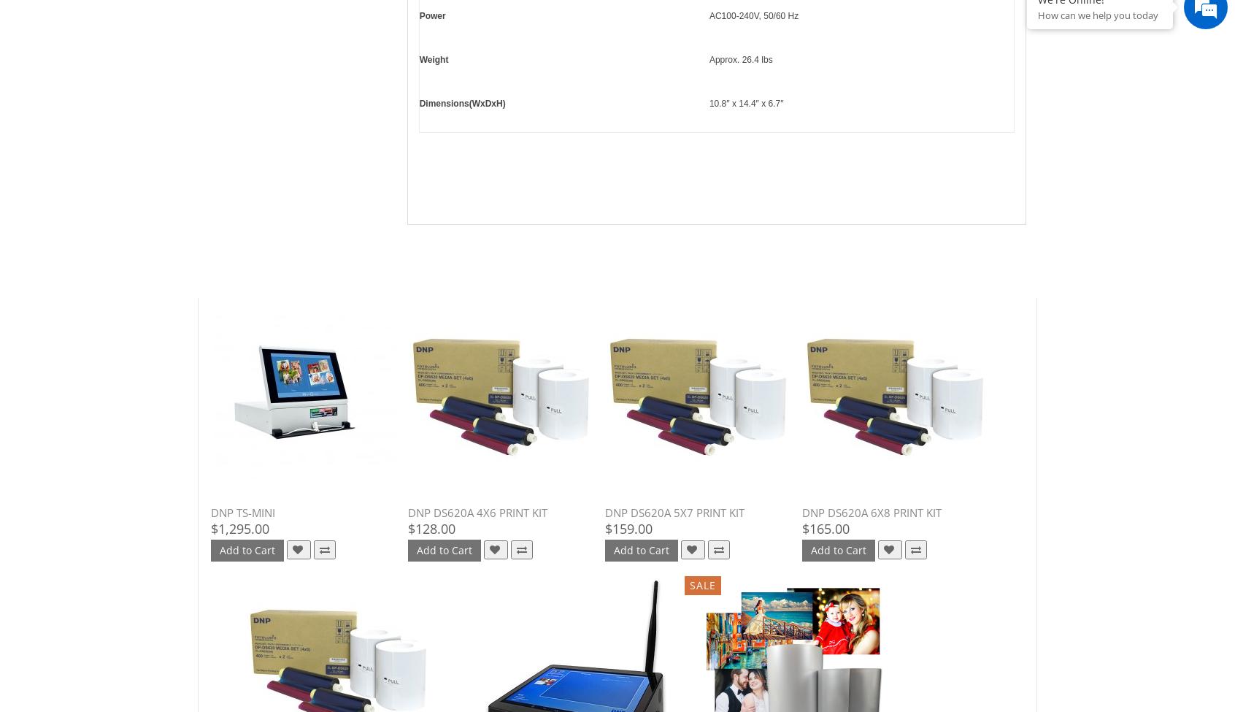 The width and height of the screenshot is (1235, 712). I want to click on '10.8″ x 14.4″ x 6.7″', so click(745, 102).